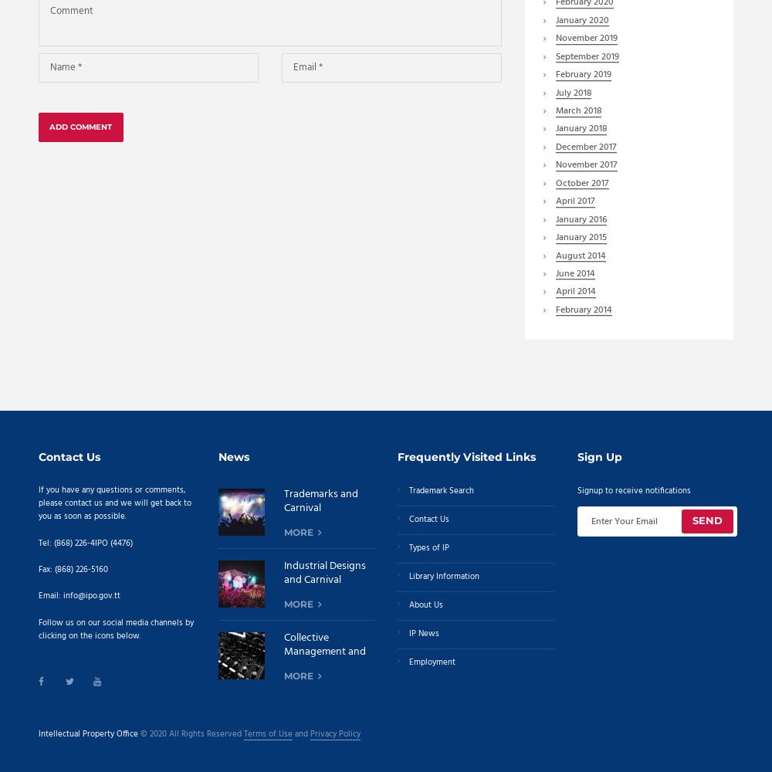  What do you see at coordinates (85, 542) in the screenshot?
I see `'Tel: (868) 226-4IPO (4476)'` at bounding box center [85, 542].